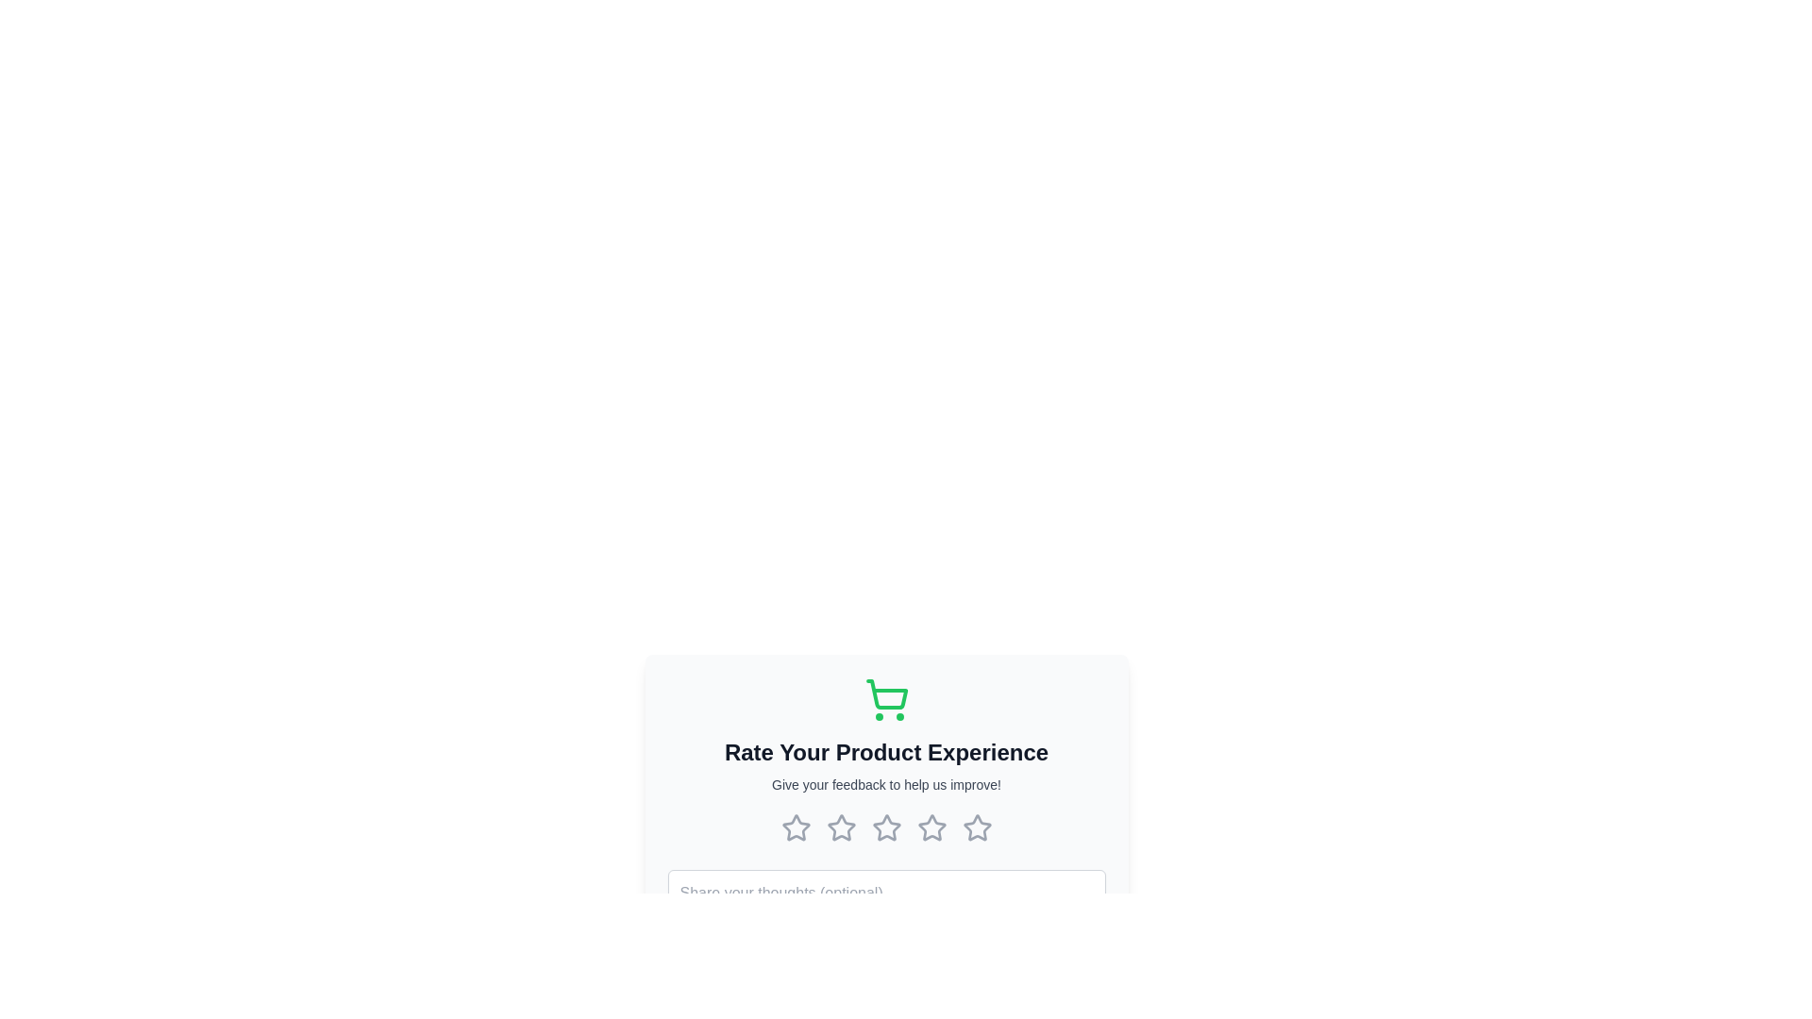 This screenshot has width=1812, height=1019. What do you see at coordinates (885, 699) in the screenshot?
I see `the green shopping cart icon located at the top of the card section, which is above the text 'Rate Your Product Experience'` at bounding box center [885, 699].